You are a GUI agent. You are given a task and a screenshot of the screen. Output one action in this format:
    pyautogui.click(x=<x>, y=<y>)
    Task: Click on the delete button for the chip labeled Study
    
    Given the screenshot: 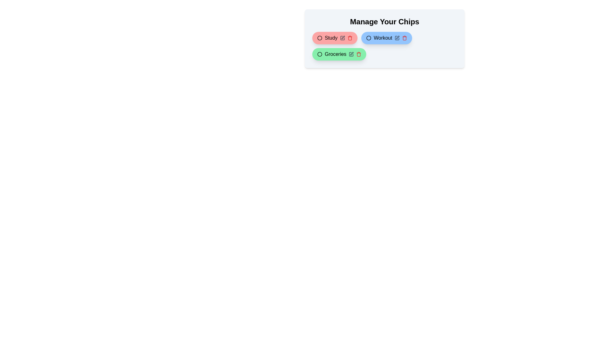 What is the action you would take?
    pyautogui.click(x=350, y=38)
    